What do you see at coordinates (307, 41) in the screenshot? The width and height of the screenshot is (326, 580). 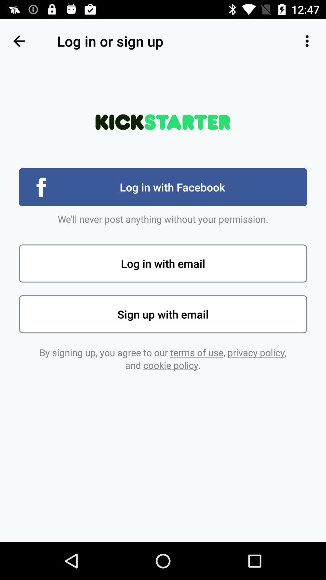 I see `item above the log in with item` at bounding box center [307, 41].